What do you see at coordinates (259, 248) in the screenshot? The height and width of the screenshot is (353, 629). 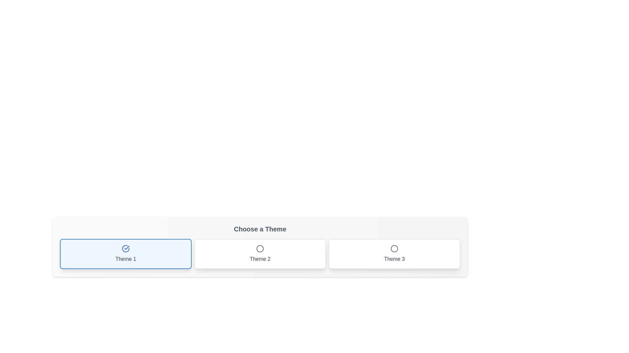 I see `the gray circular icon with a thin stroke, which is part of the 'Theme 2' button, centrally aligned within a horizontal list of buttons` at bounding box center [259, 248].